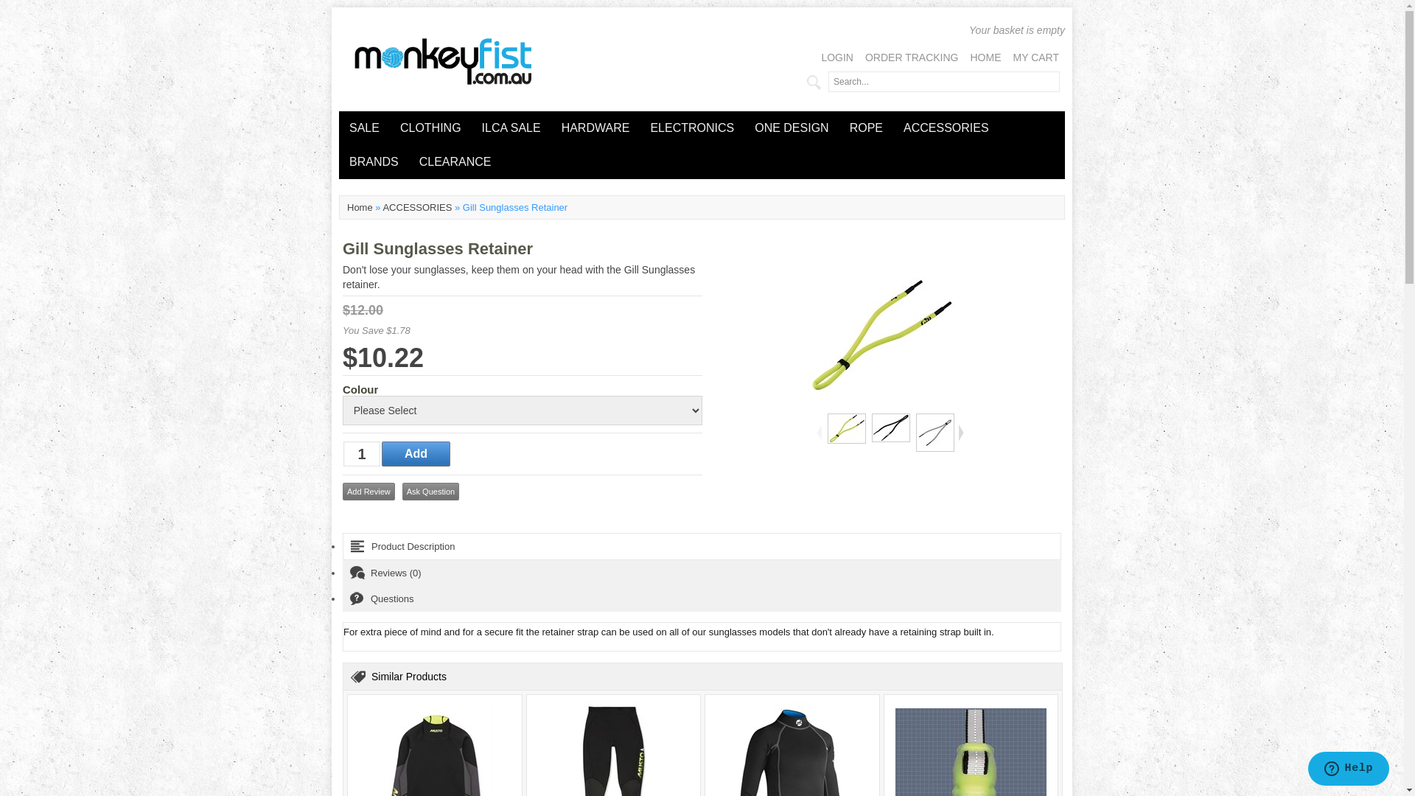 The image size is (1415, 796). I want to click on 'SALE', so click(364, 127).